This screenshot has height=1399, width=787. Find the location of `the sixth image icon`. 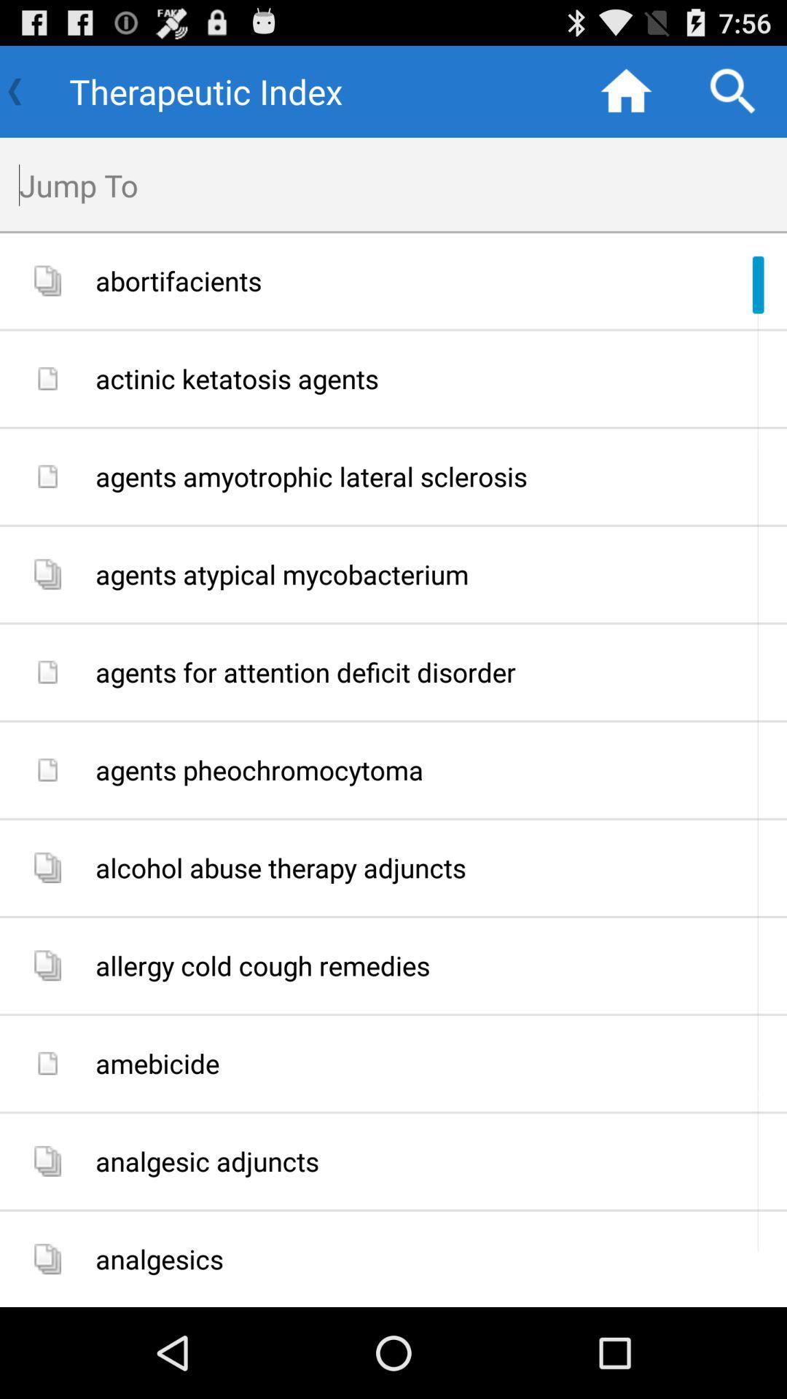

the sixth image icon is located at coordinates (47, 769).